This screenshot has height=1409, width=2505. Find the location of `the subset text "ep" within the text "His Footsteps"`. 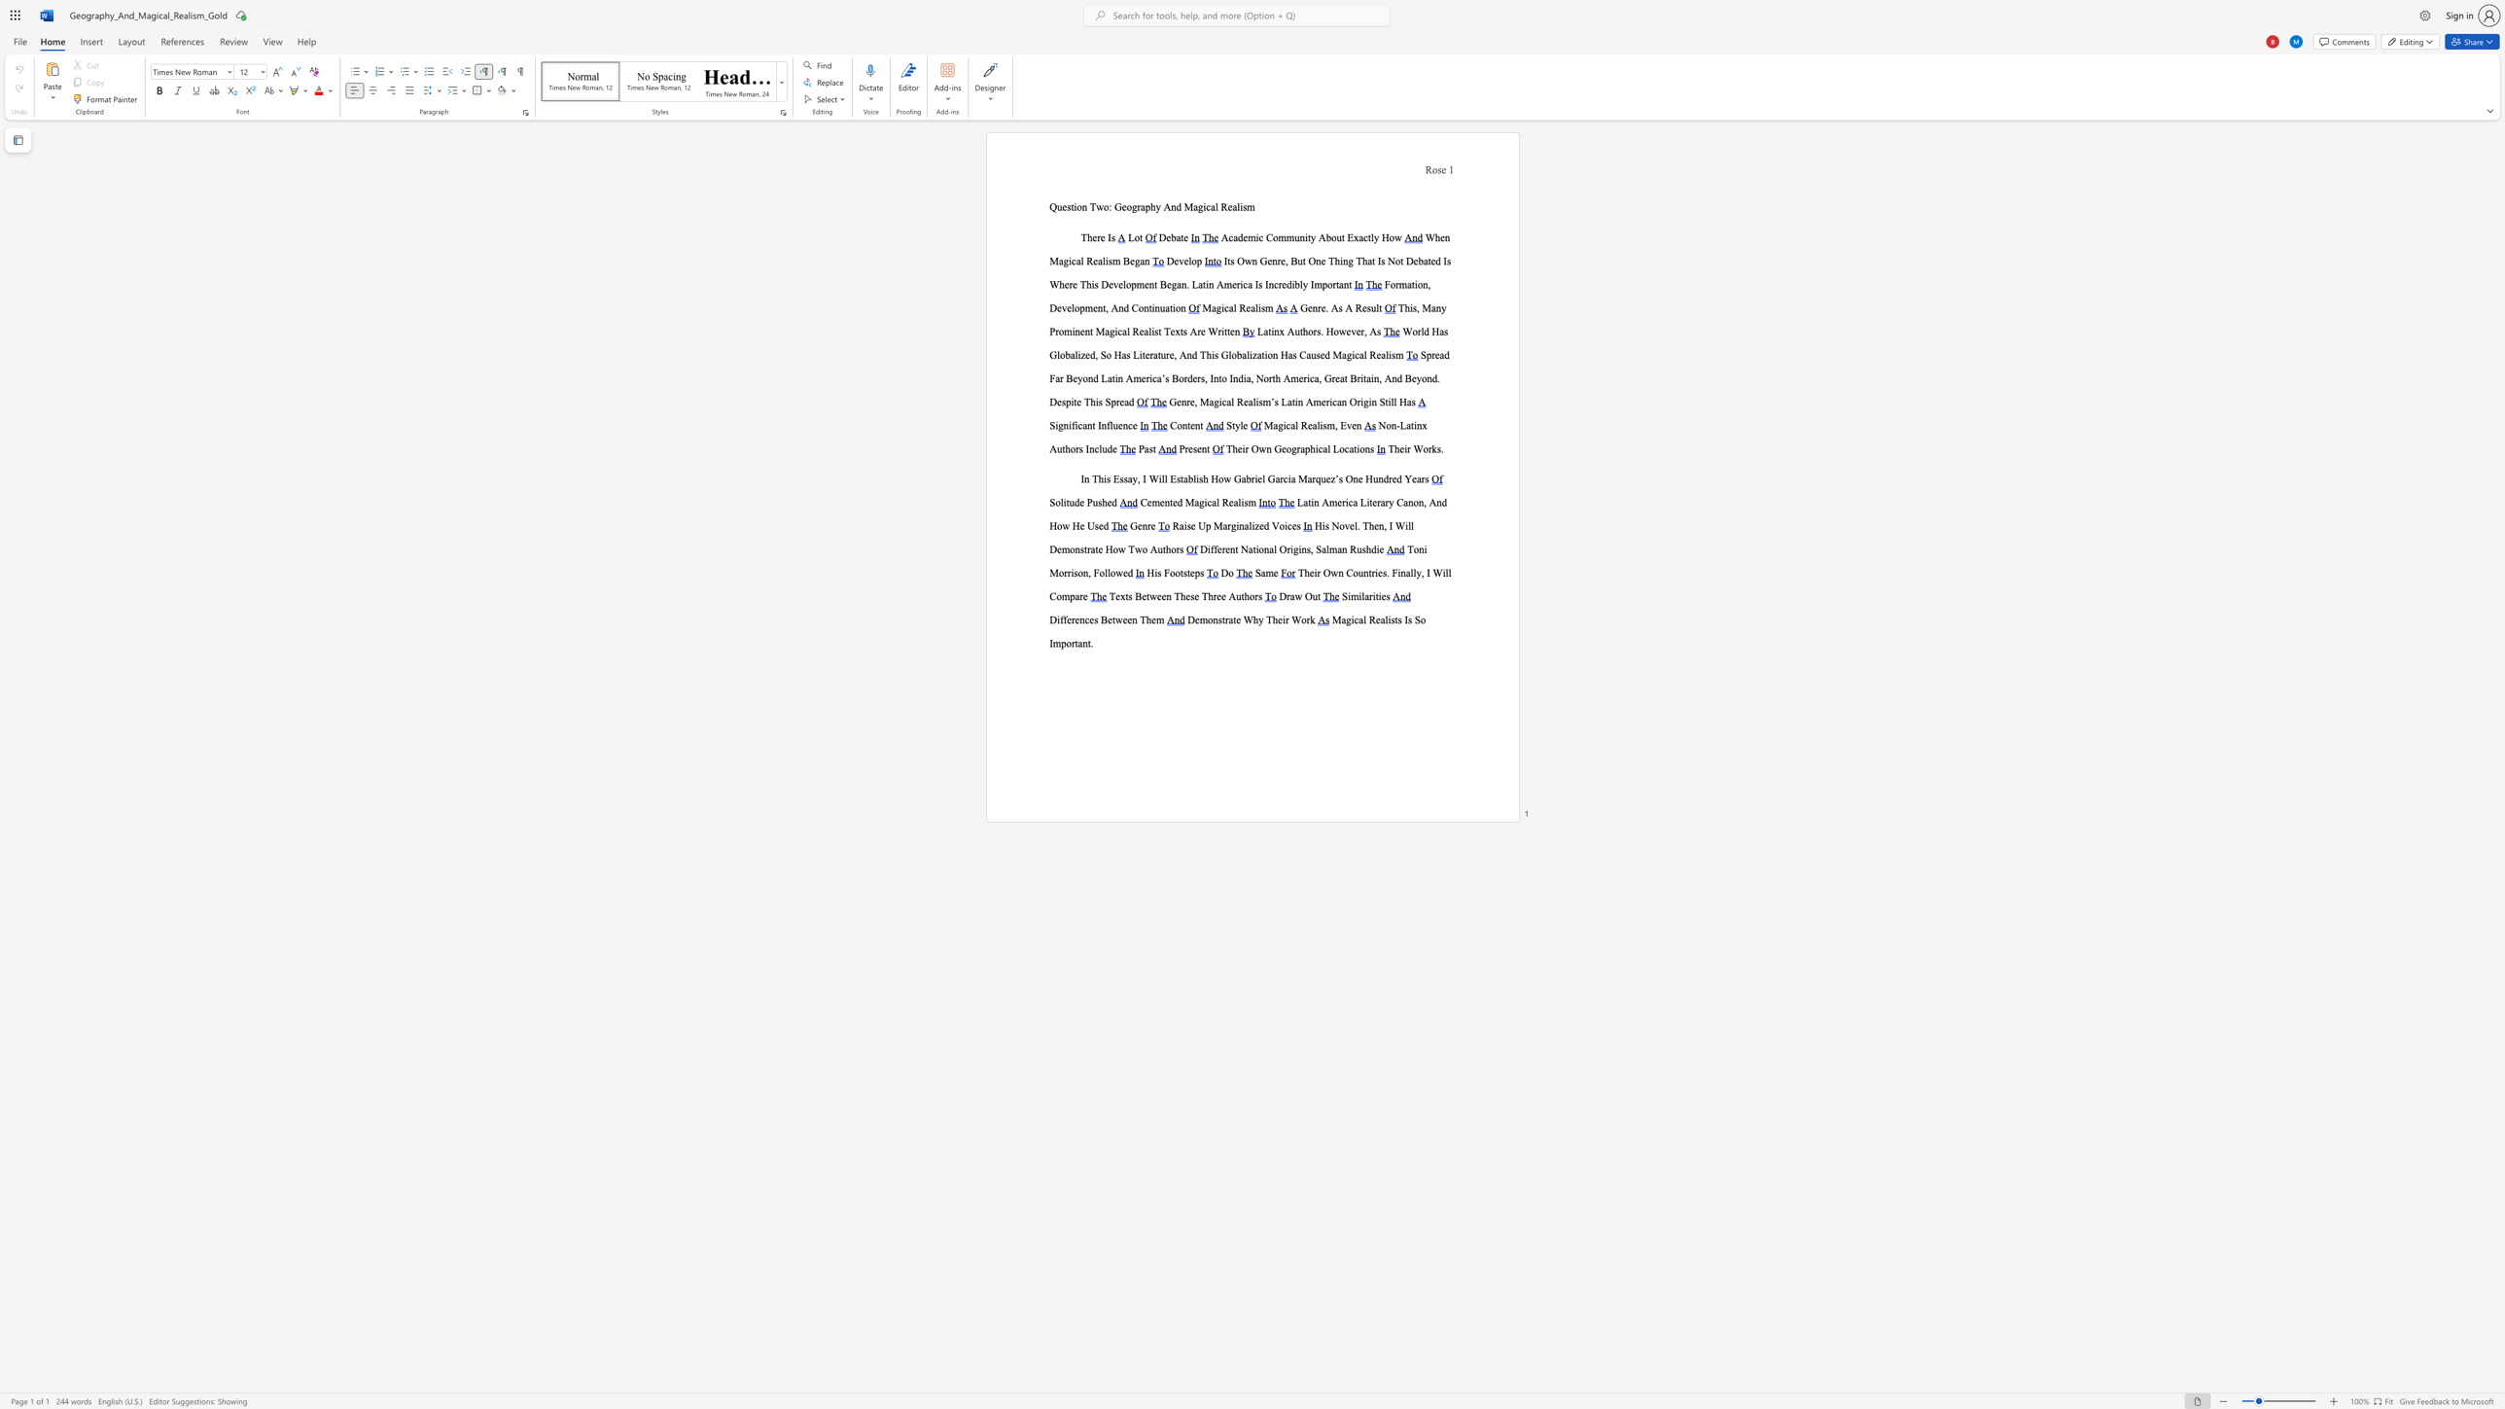

the subset text "ep" within the text "His Footsteps" is located at coordinates (1189, 572).